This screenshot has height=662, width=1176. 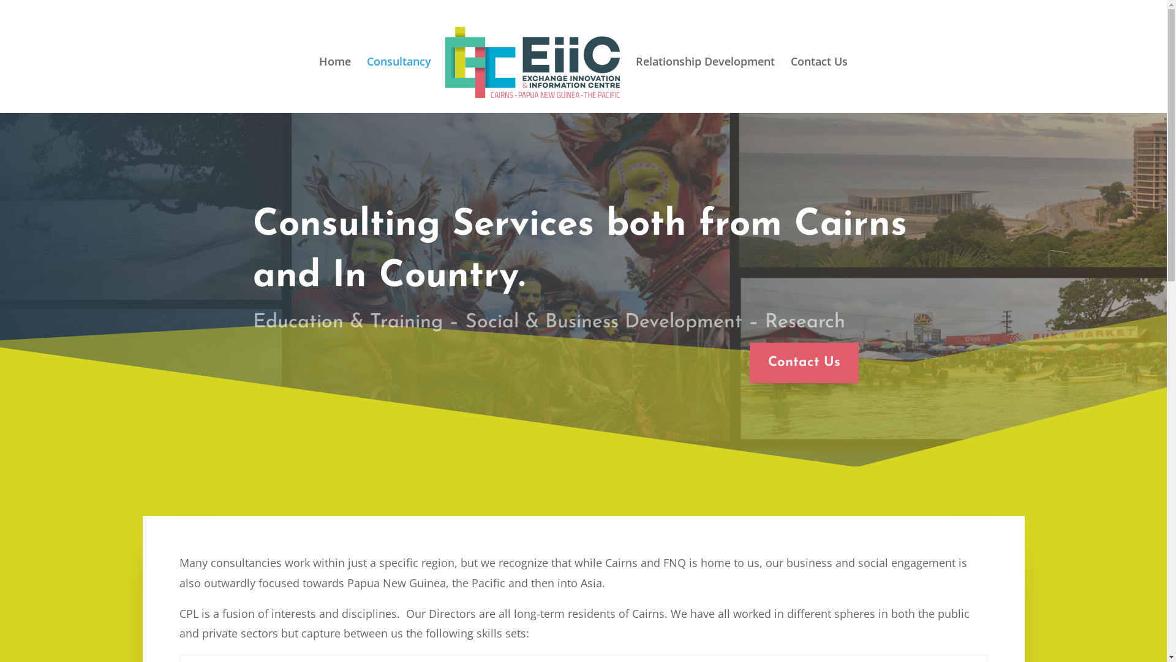 I want to click on 'Contact Us', so click(x=804, y=362).